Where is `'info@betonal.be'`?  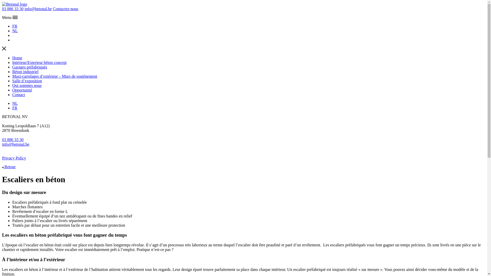 'info@betonal.be' is located at coordinates (38, 9).